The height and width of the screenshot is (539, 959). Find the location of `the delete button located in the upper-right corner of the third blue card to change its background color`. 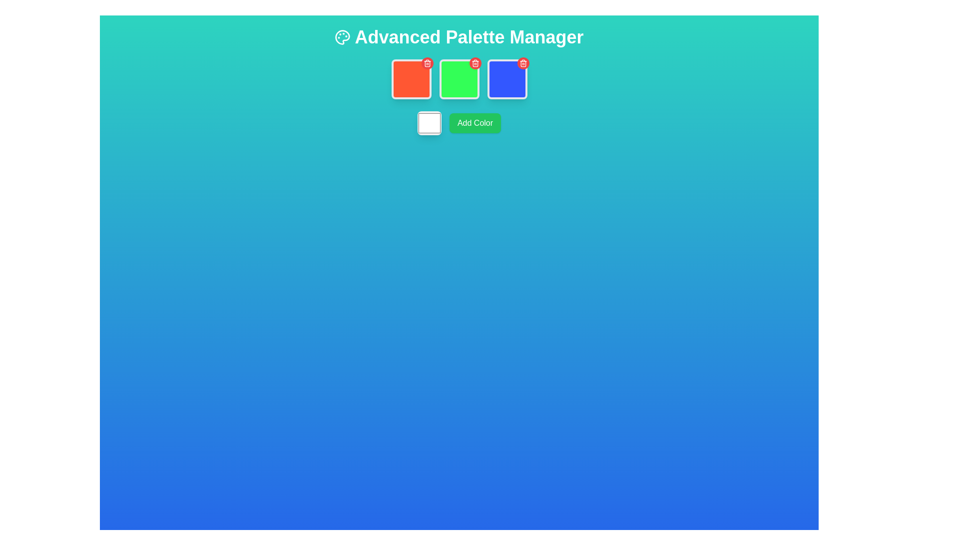

the delete button located in the upper-right corner of the third blue card to change its background color is located at coordinates (522, 63).